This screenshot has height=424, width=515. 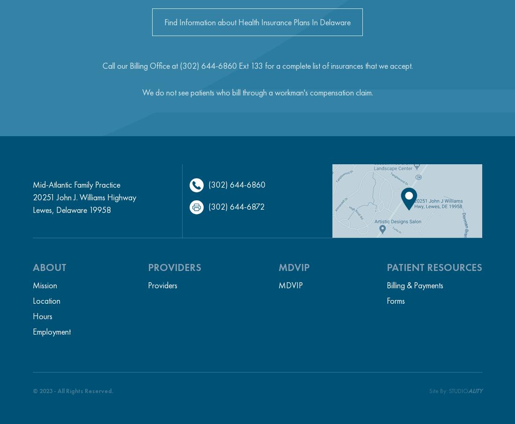 I want to click on '(302) 644-6872', so click(x=236, y=206).